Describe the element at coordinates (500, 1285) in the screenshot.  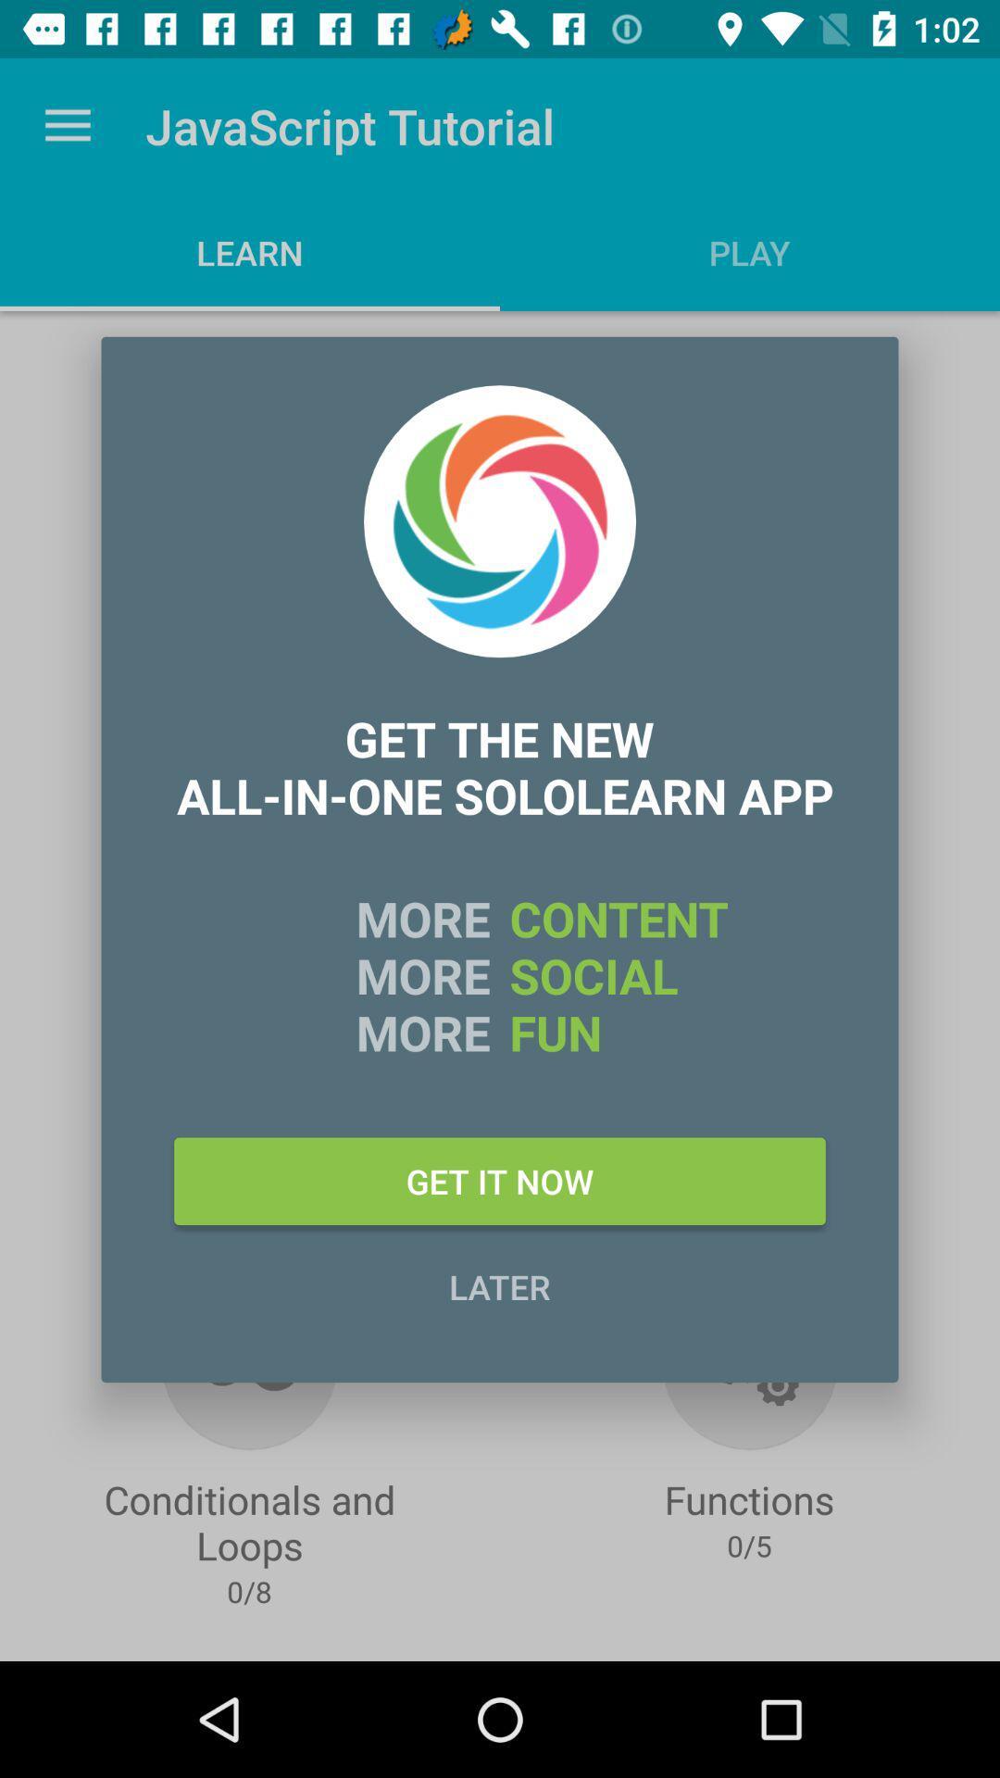
I see `later icon` at that location.